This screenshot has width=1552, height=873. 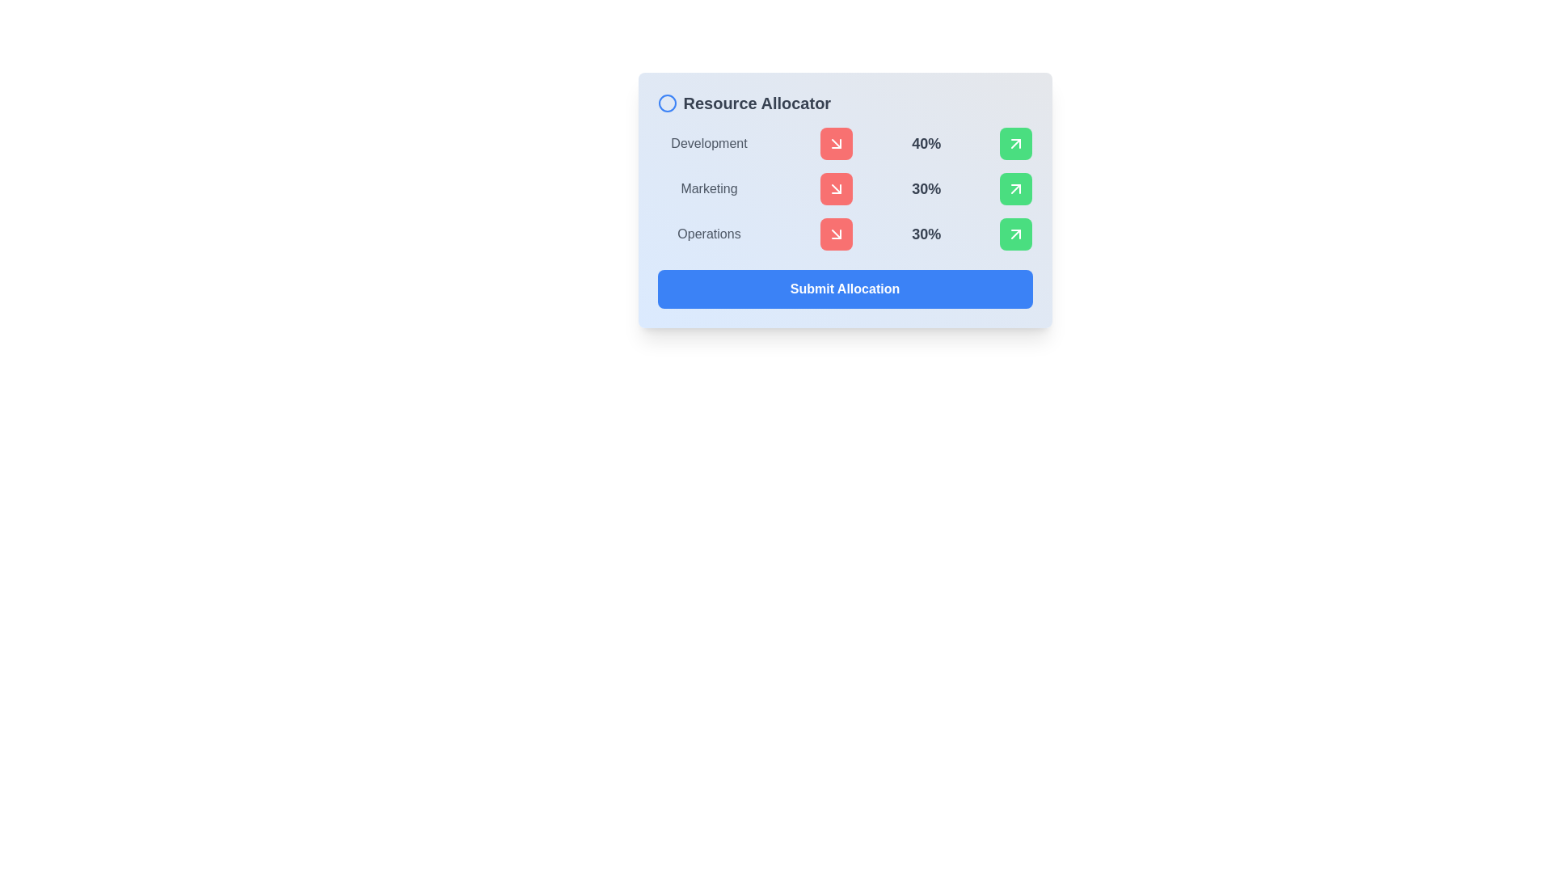 What do you see at coordinates (1015, 142) in the screenshot?
I see `the upward-right arrow icon located in the top-right corner of the table in the Resource Allocator panel` at bounding box center [1015, 142].